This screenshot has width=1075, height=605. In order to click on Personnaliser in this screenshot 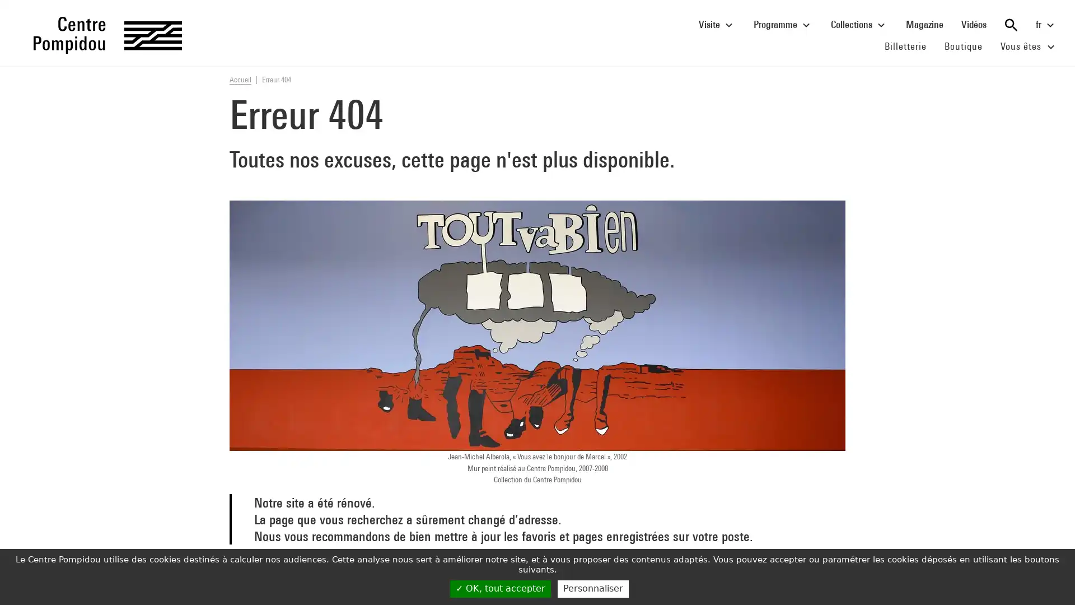, I will do `click(592, 588)`.